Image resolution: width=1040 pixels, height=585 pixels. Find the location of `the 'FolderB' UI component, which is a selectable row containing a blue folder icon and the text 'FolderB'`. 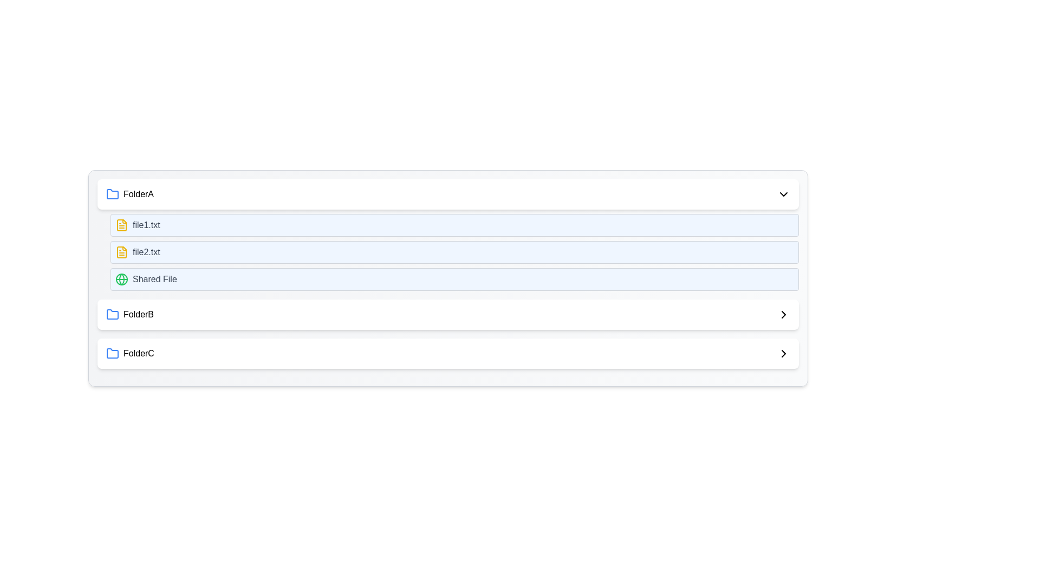

the 'FolderB' UI component, which is a selectable row containing a blue folder icon and the text 'FolderB' is located at coordinates (130, 315).